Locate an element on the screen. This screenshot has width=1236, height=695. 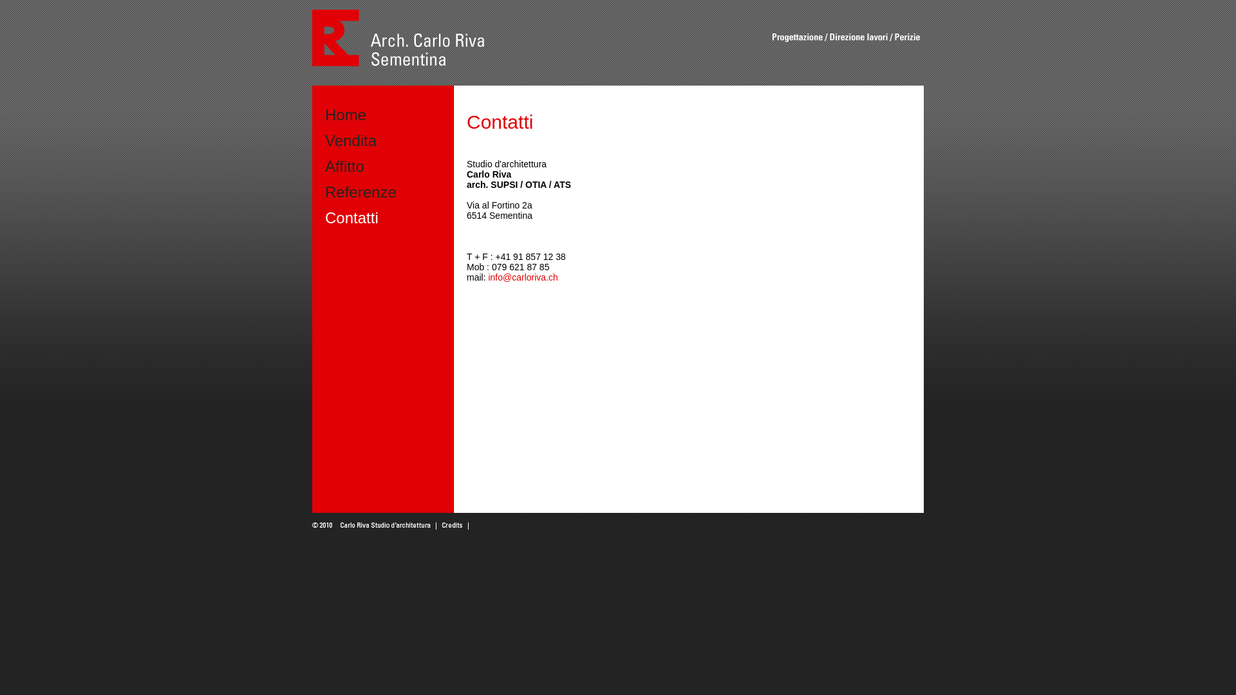
'info@carloriva.ch' is located at coordinates (522, 277).